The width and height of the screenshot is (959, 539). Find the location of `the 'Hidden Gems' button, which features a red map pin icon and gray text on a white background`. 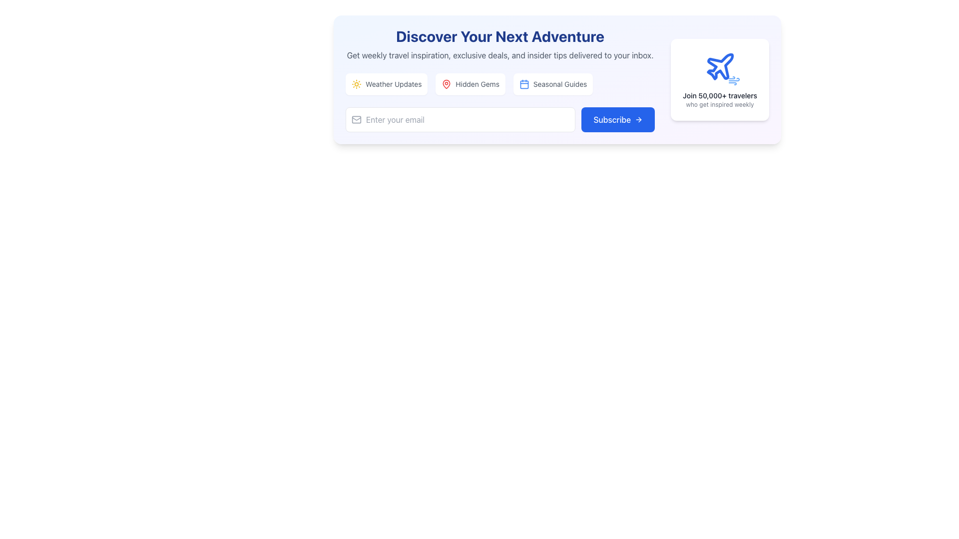

the 'Hidden Gems' button, which features a red map pin icon and gray text on a white background is located at coordinates (470, 84).